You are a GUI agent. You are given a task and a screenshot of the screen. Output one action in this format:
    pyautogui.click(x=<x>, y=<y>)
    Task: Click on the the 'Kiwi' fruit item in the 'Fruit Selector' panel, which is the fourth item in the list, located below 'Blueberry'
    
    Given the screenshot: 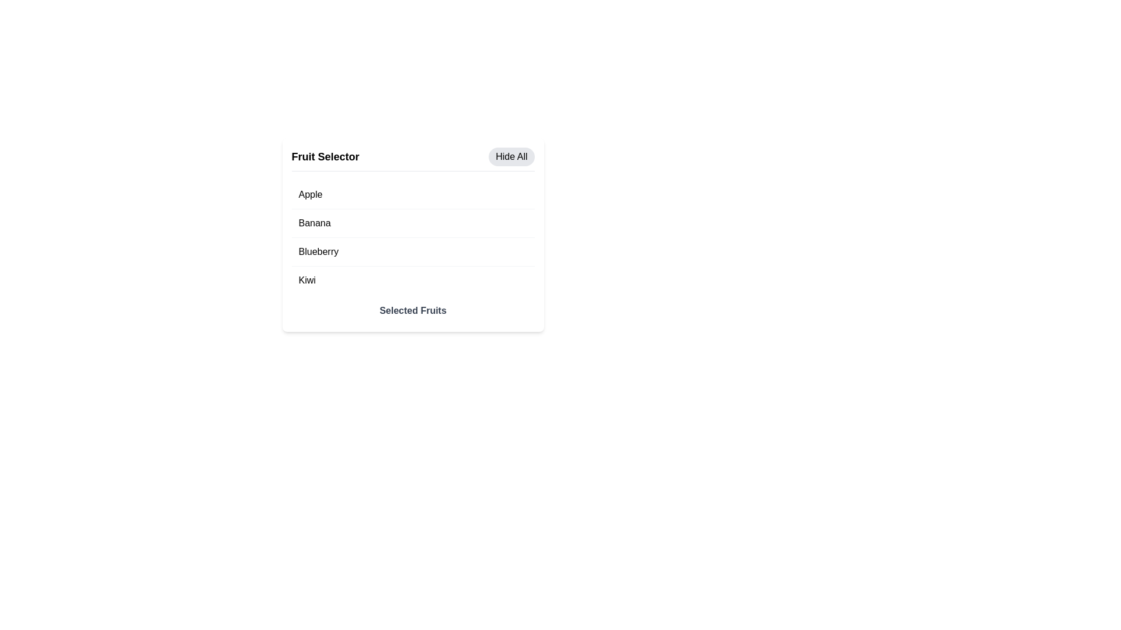 What is the action you would take?
    pyautogui.click(x=413, y=280)
    